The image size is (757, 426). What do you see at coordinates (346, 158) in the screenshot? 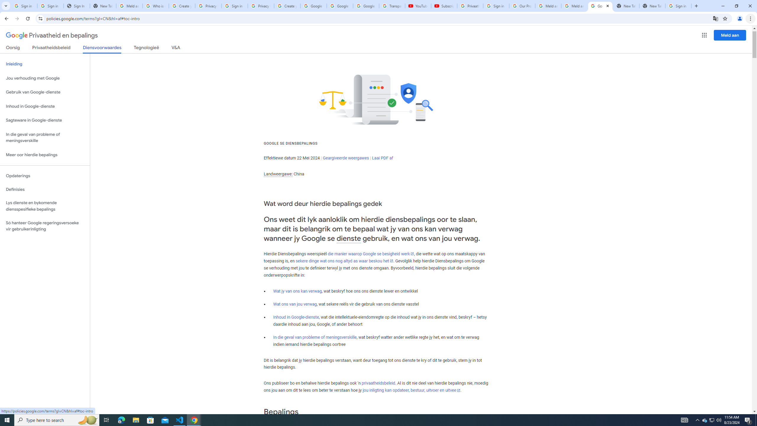
I see `'Geargiveerde weergawes'` at bounding box center [346, 158].